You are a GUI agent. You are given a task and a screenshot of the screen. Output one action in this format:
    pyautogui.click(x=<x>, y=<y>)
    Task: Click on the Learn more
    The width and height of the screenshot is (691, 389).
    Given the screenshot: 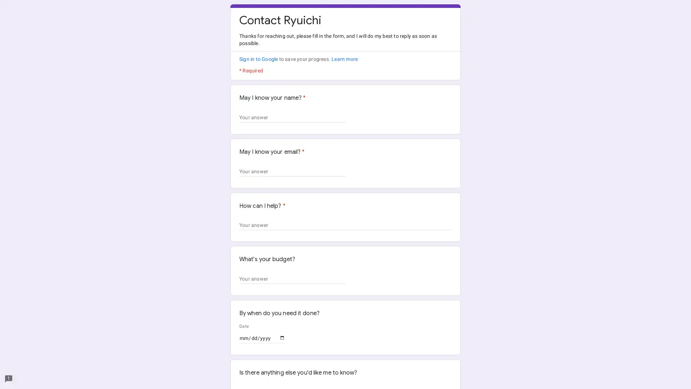 What is the action you would take?
    pyautogui.click(x=344, y=59)
    